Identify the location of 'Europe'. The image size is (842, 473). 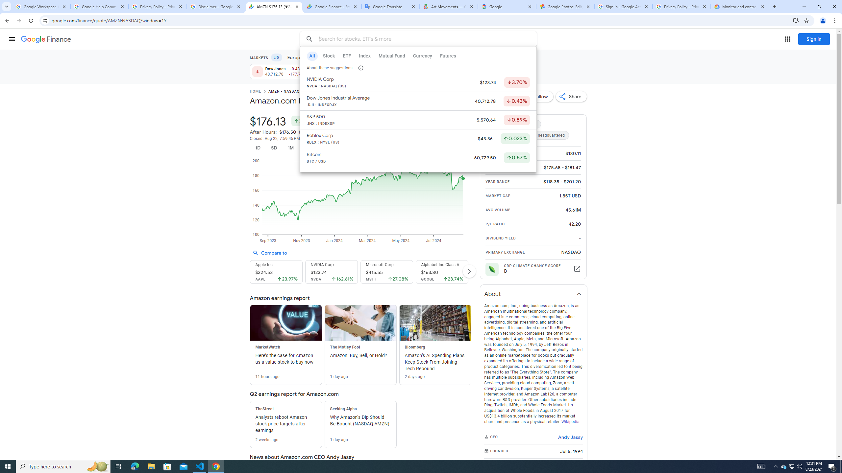
(295, 57).